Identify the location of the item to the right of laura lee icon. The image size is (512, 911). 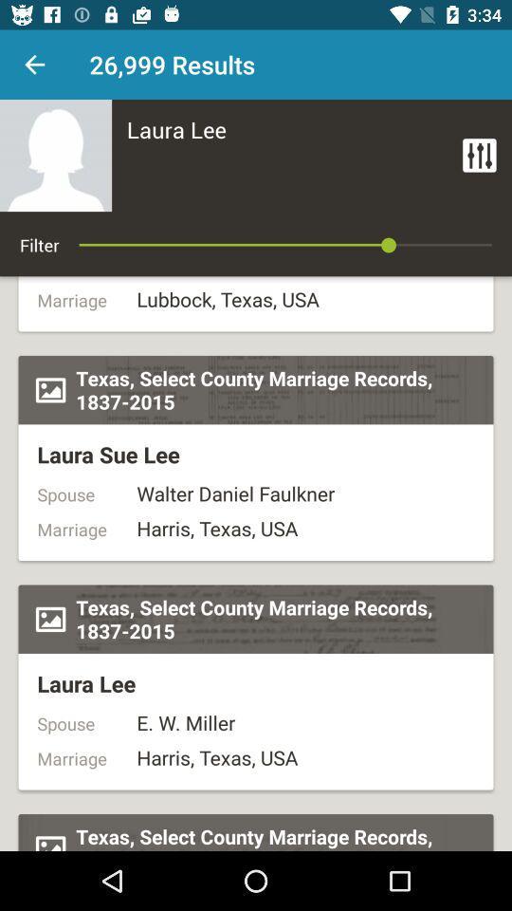
(478, 154).